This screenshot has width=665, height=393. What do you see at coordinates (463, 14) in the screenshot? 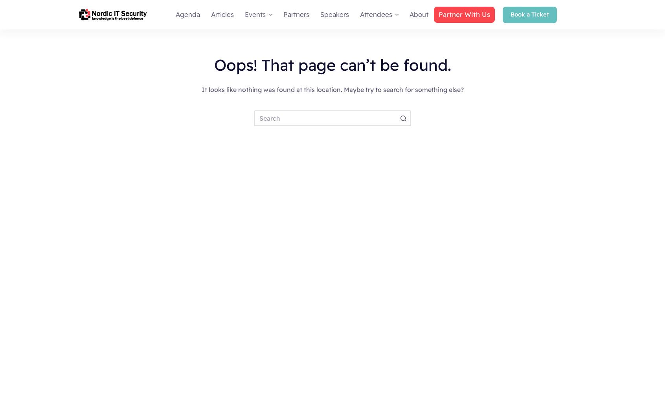
I see `'Partner With Us'` at bounding box center [463, 14].